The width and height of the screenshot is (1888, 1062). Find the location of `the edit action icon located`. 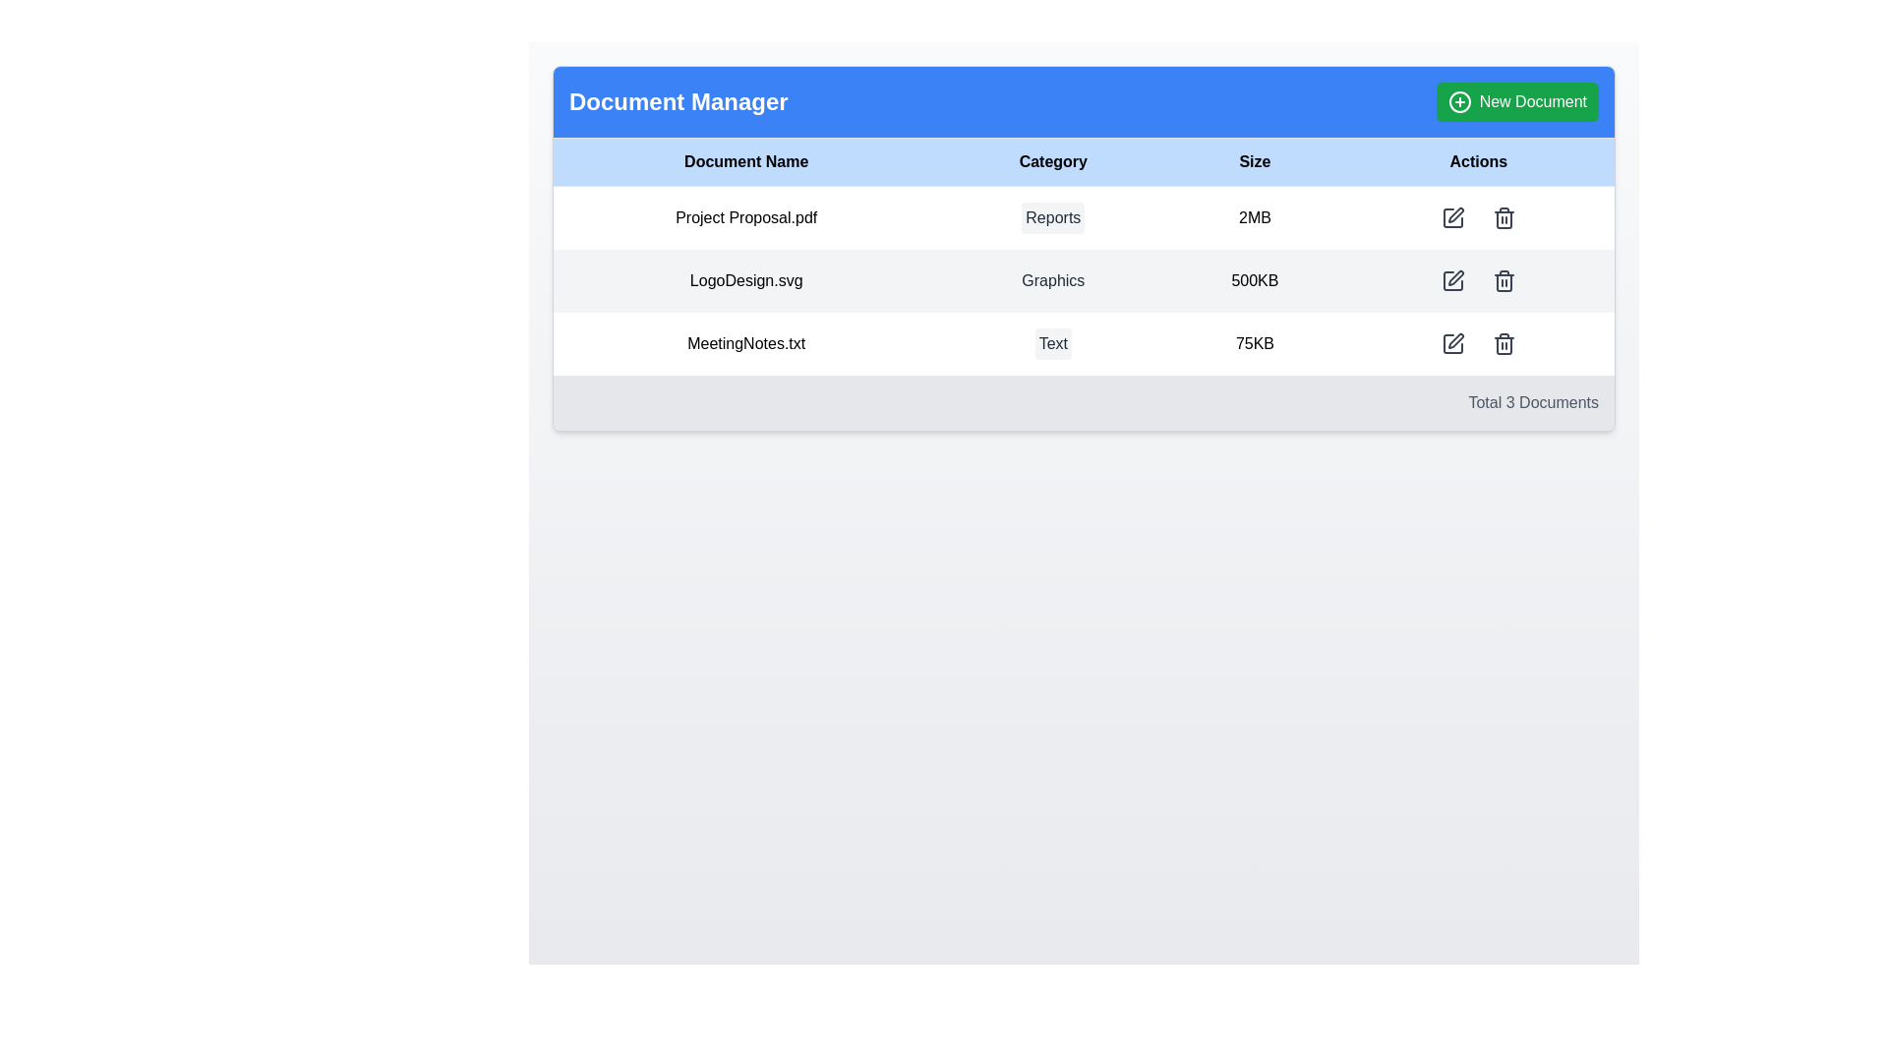

the edit action icon located is located at coordinates (1452, 343).